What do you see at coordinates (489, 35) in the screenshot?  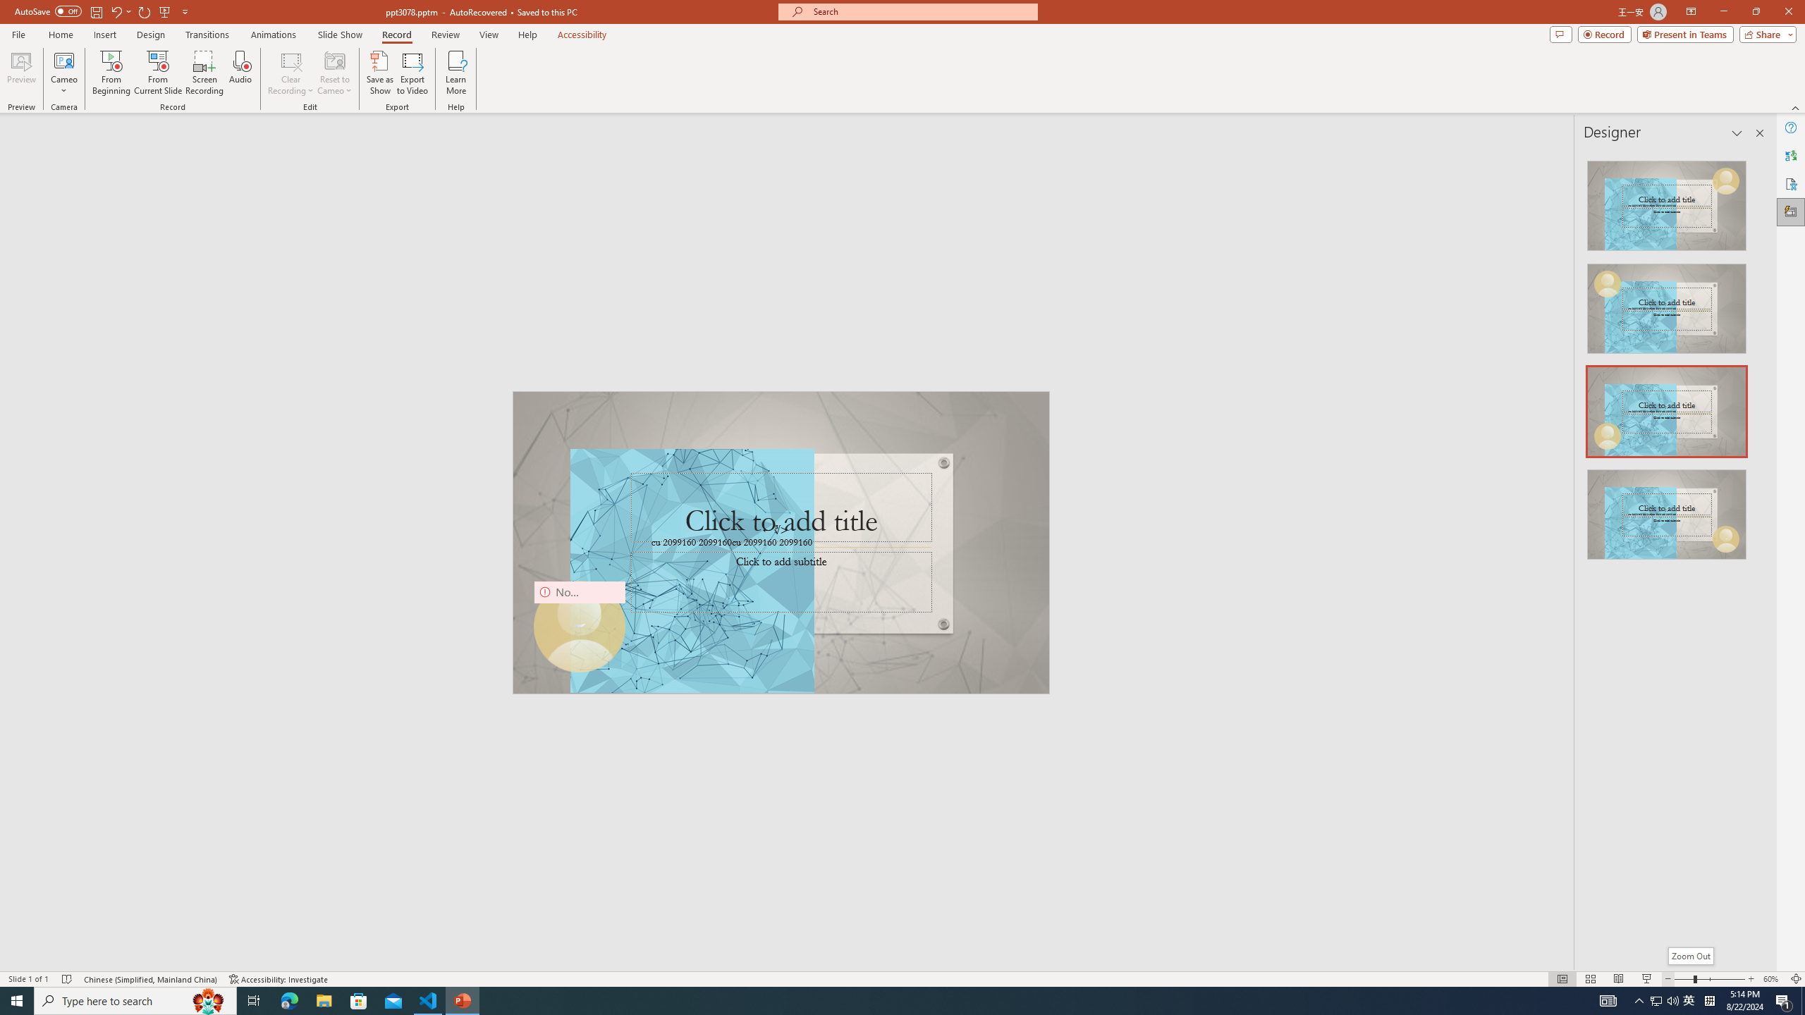 I see `'View'` at bounding box center [489, 35].